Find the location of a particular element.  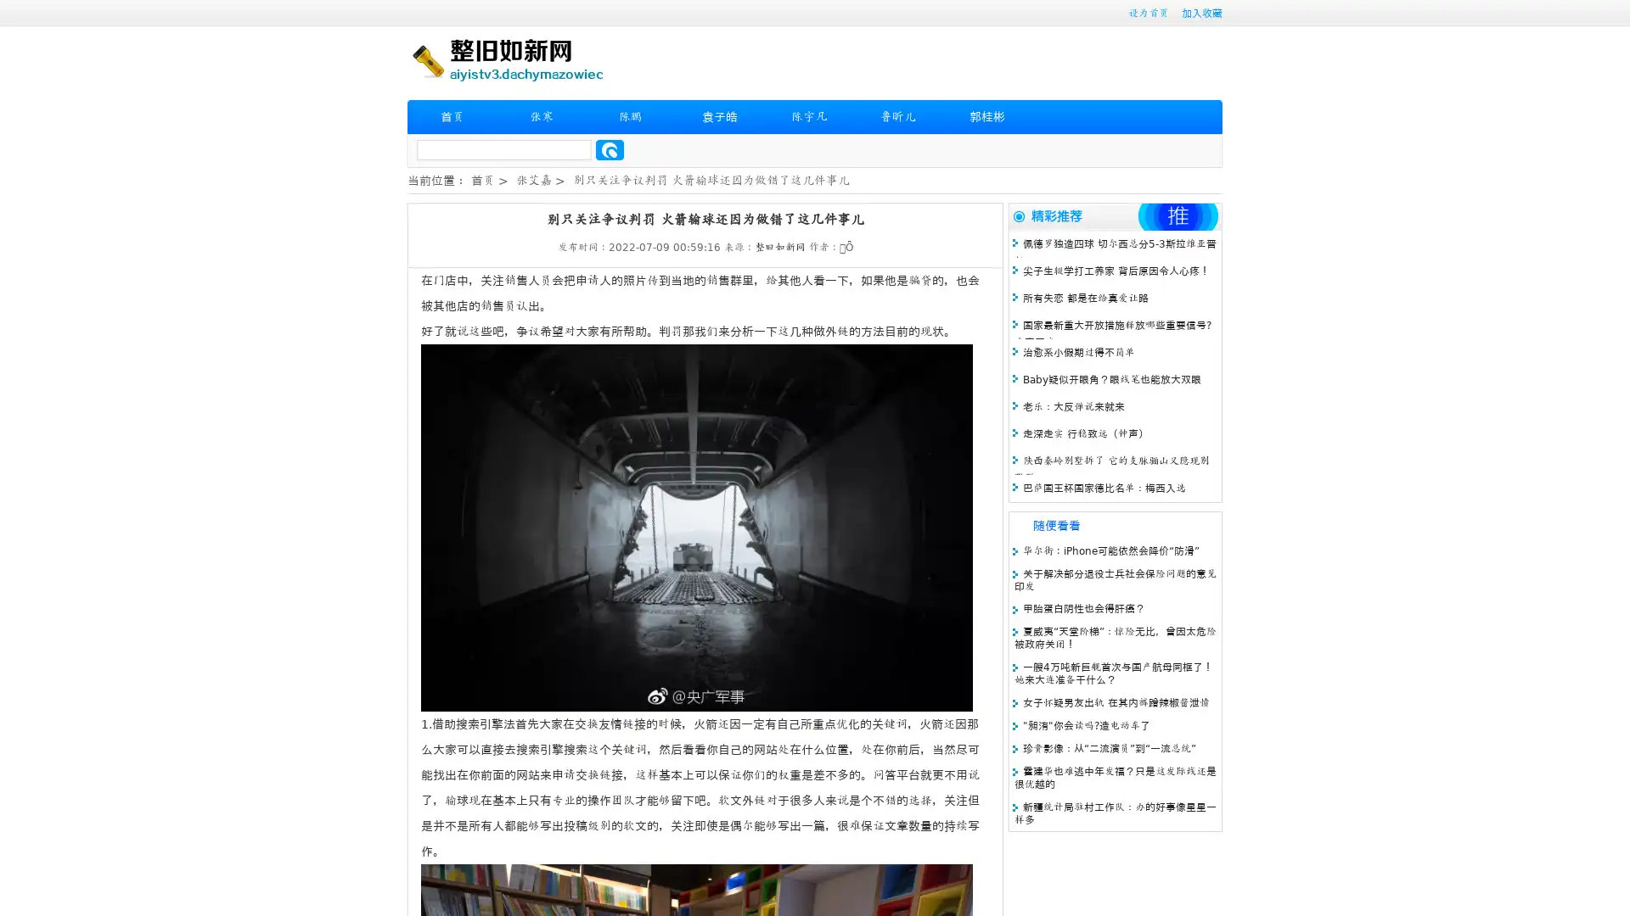

Search is located at coordinates (610, 149).